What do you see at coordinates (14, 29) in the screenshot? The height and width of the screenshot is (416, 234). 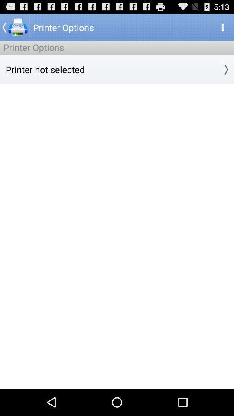 I see `the arrow_backward icon` at bounding box center [14, 29].